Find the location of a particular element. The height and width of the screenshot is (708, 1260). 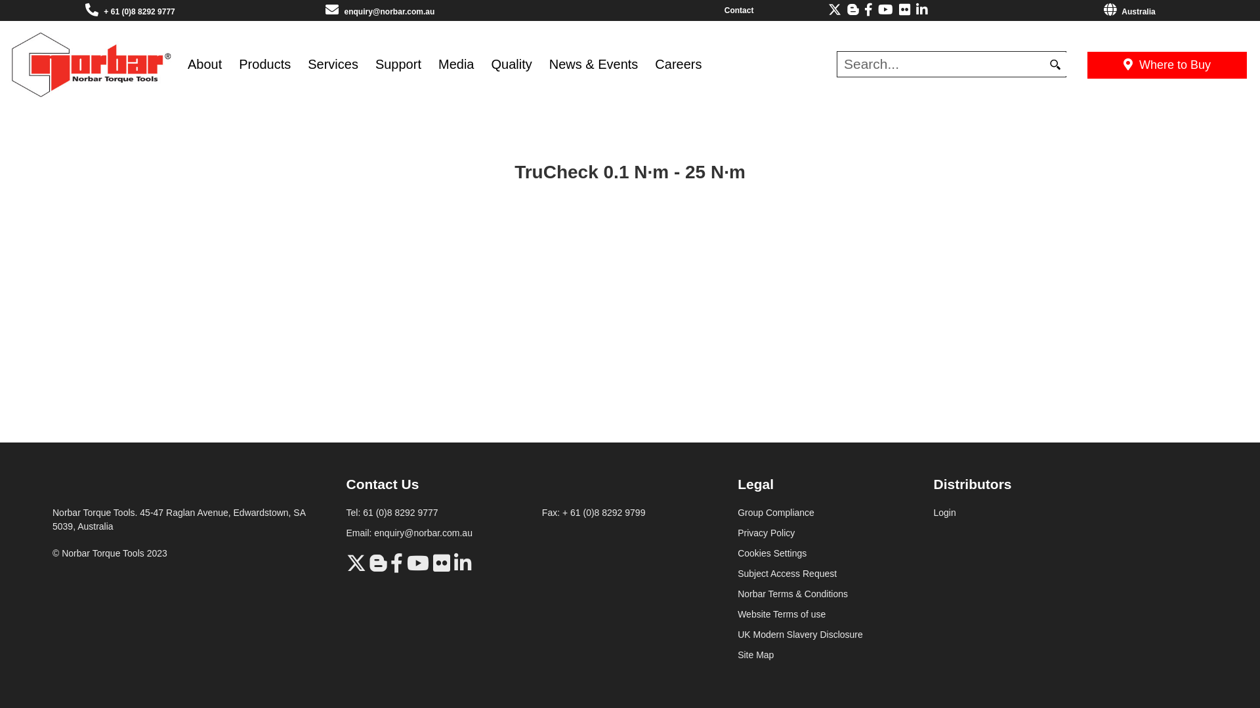

'Support' is located at coordinates (366, 64).